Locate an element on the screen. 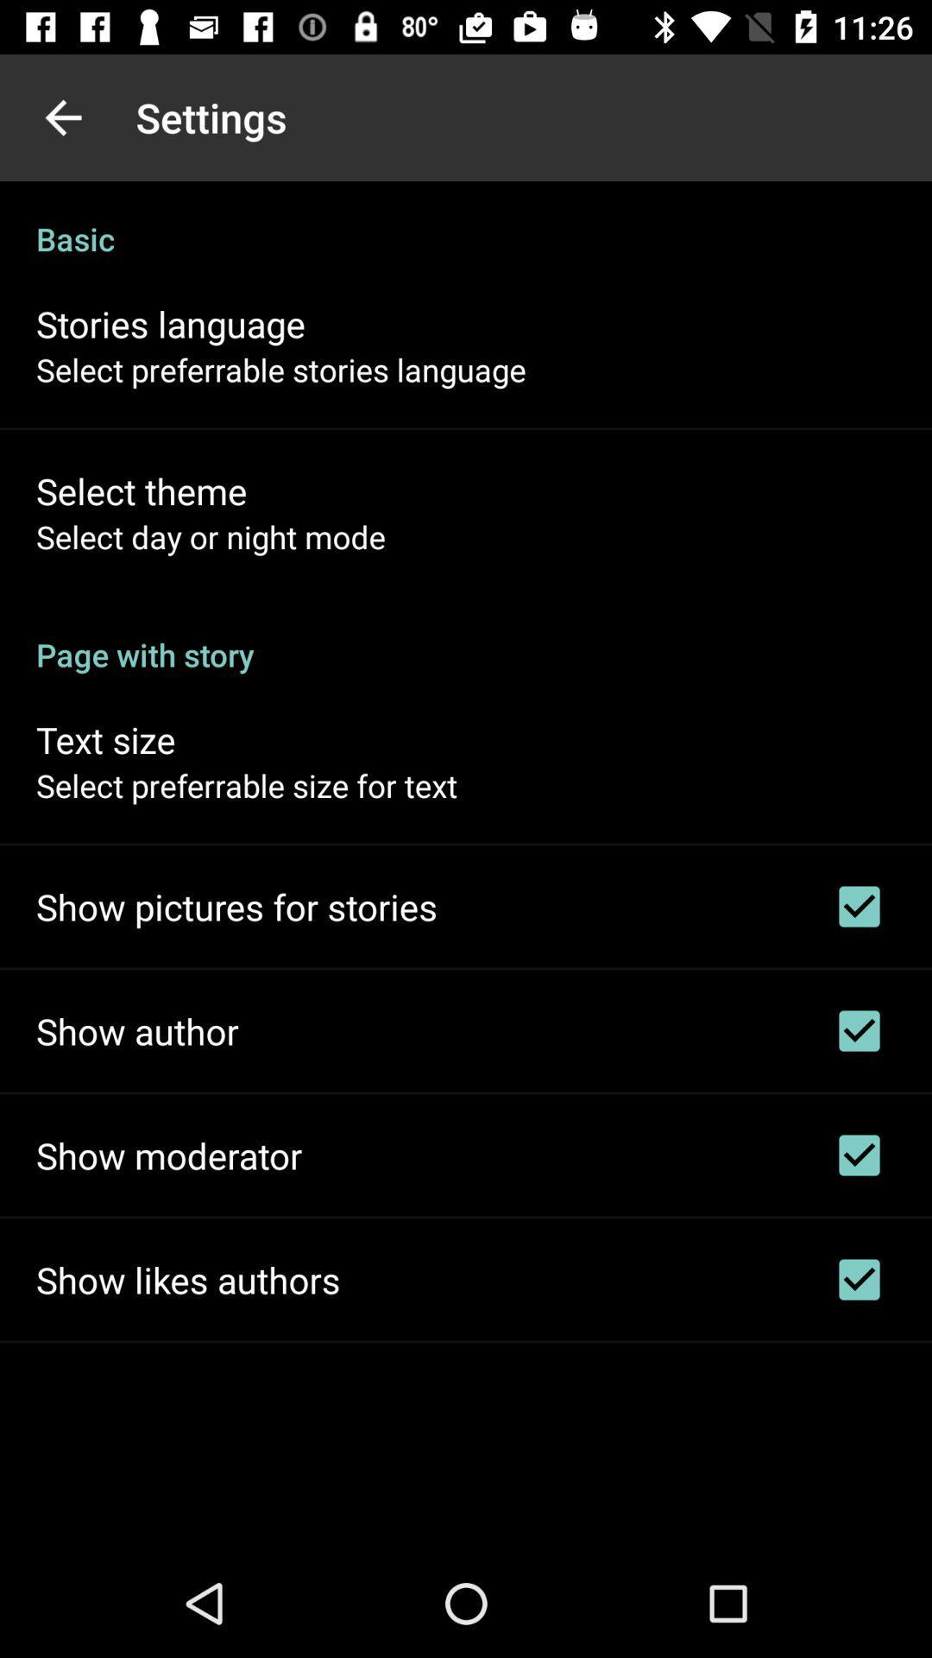 This screenshot has width=932, height=1658. the item above the show author is located at coordinates (236, 906).